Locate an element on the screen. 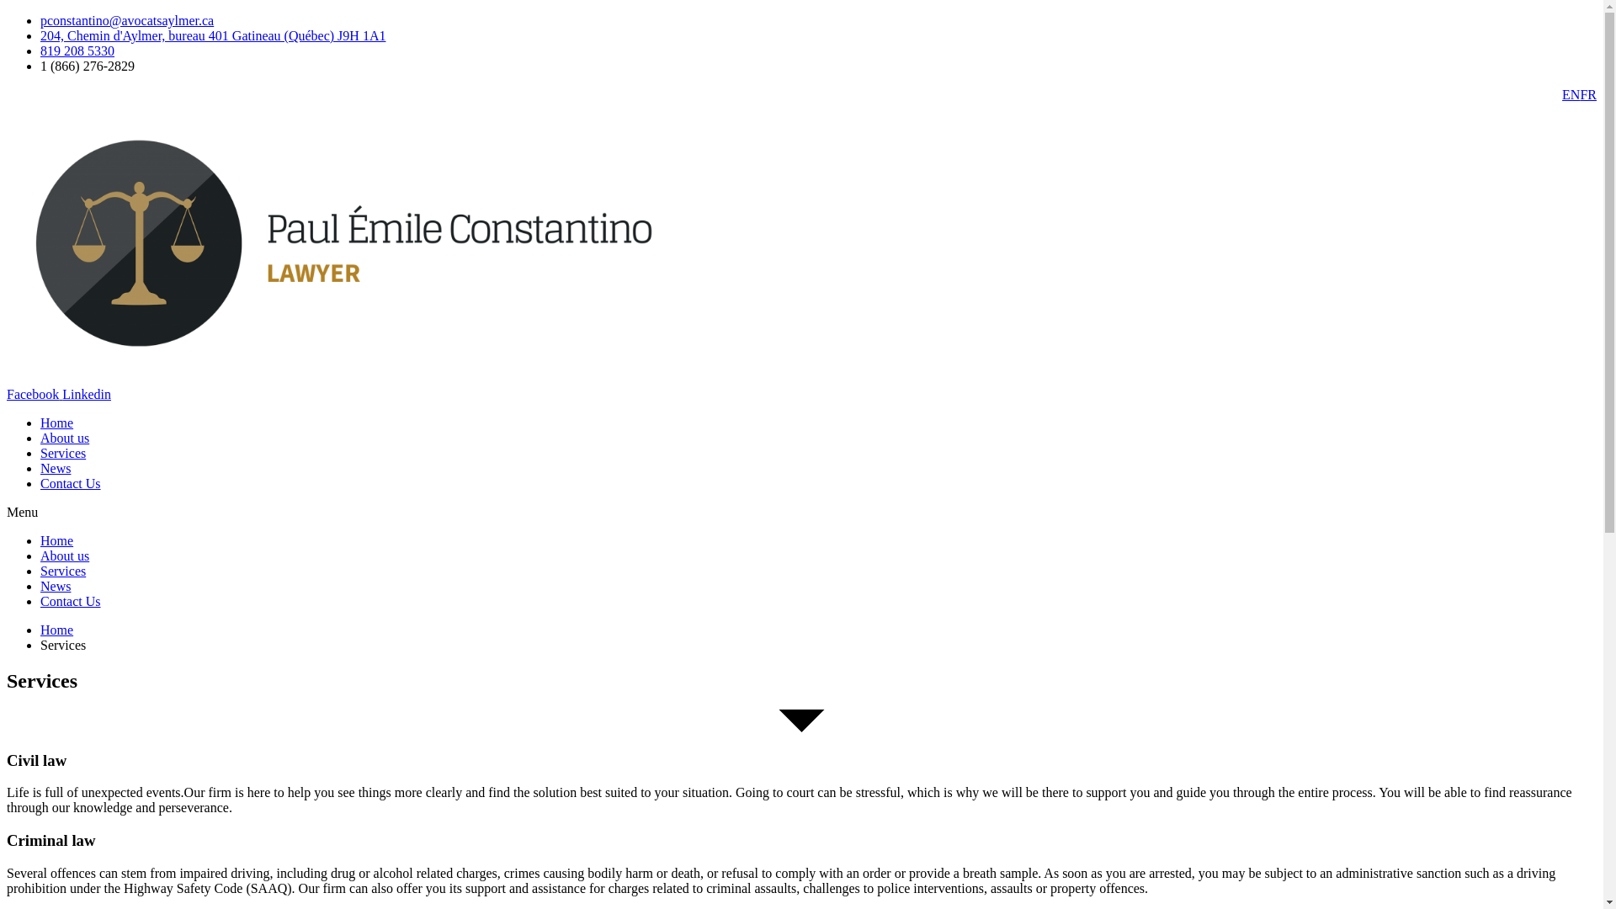 The width and height of the screenshot is (1616, 909). 'Home' is located at coordinates (40, 422).